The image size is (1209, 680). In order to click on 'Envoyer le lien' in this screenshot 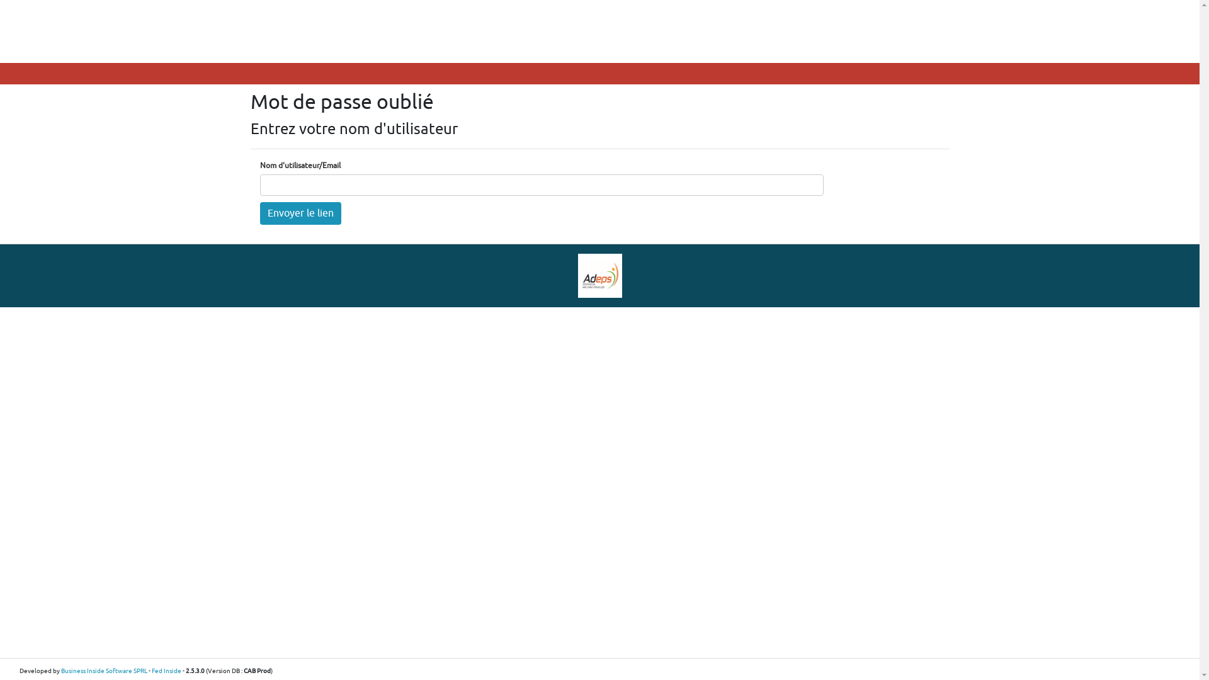, I will do `click(299, 213)`.